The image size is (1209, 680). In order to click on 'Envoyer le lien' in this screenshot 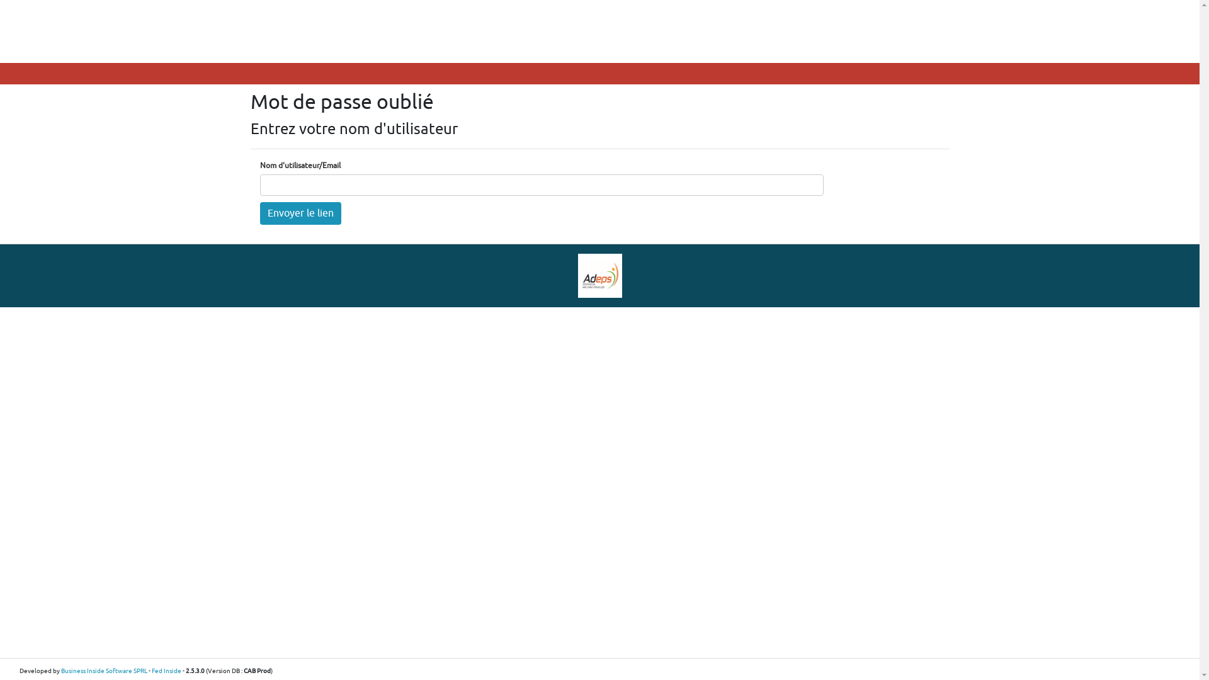, I will do `click(299, 213)`.